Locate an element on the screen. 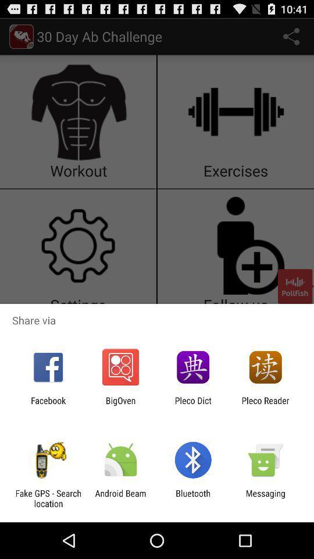 The height and width of the screenshot is (559, 314). the item to the right of the bluetooth item is located at coordinates (265, 498).